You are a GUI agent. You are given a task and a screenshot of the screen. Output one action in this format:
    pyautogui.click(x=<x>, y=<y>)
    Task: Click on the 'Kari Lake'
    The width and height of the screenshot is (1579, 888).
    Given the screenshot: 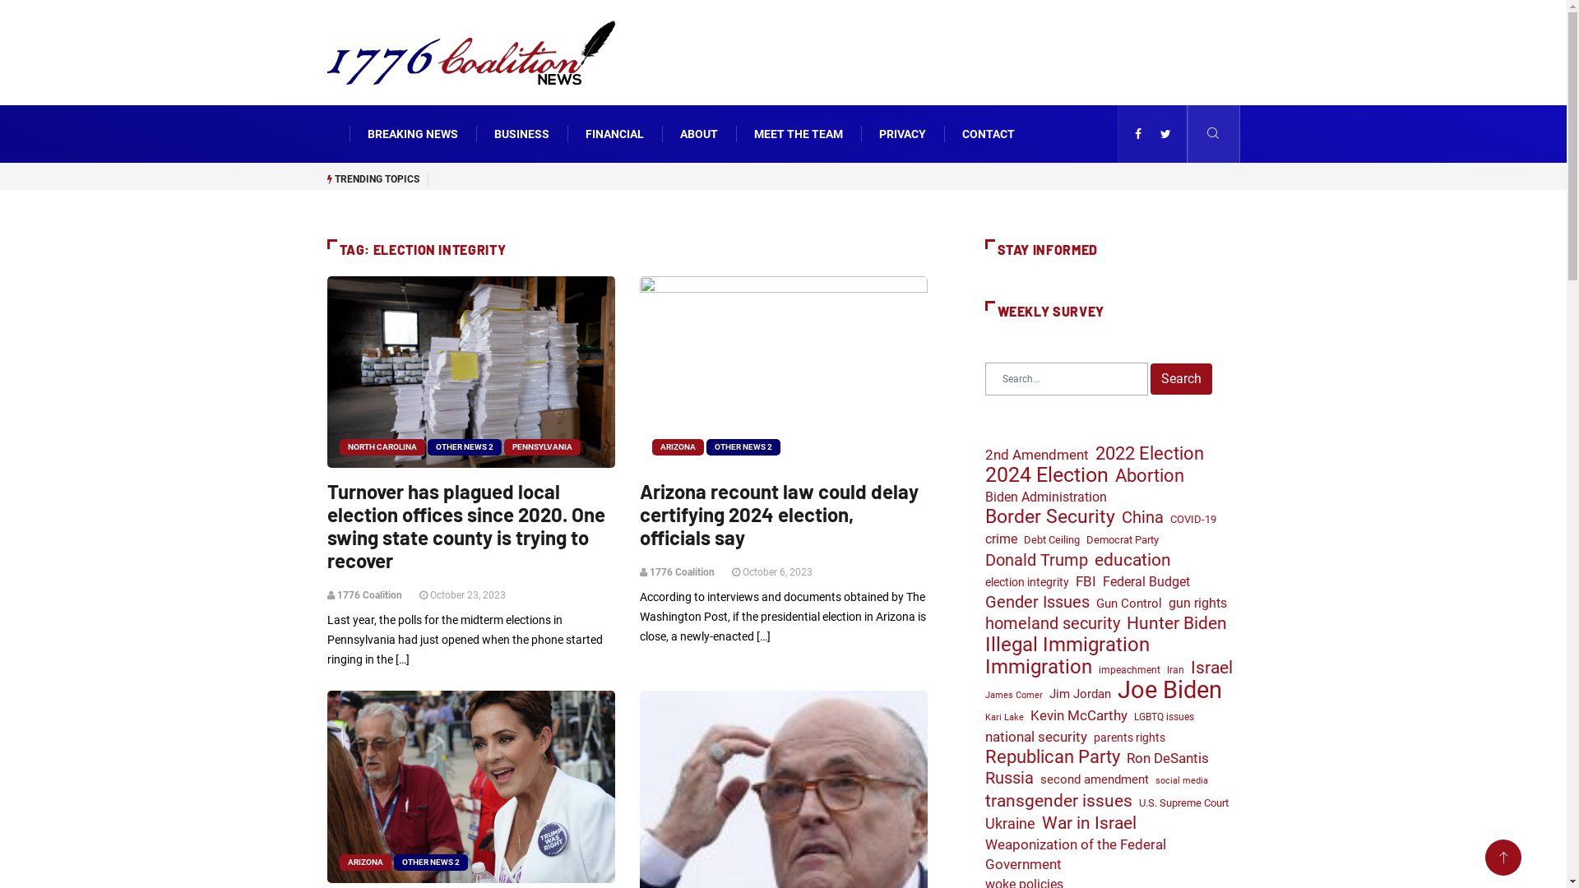 What is the action you would take?
    pyautogui.click(x=1003, y=716)
    